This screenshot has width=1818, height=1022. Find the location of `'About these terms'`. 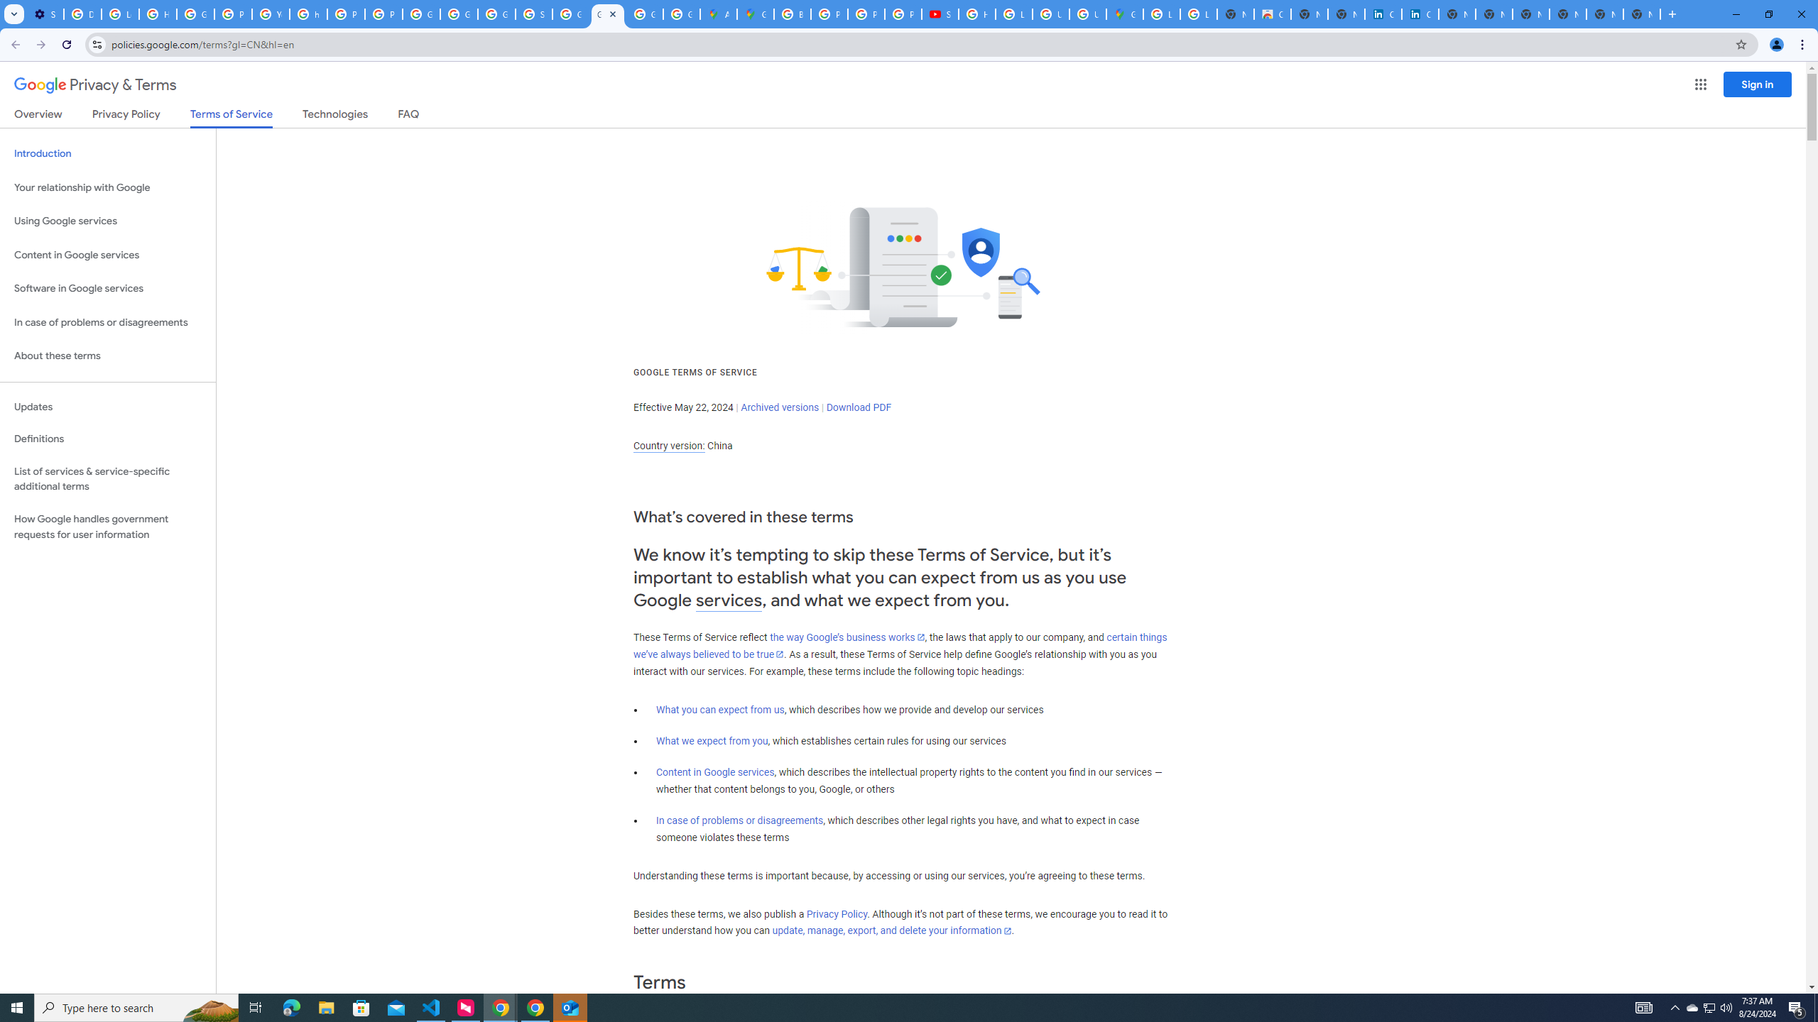

'About these terms' is located at coordinates (107, 356).